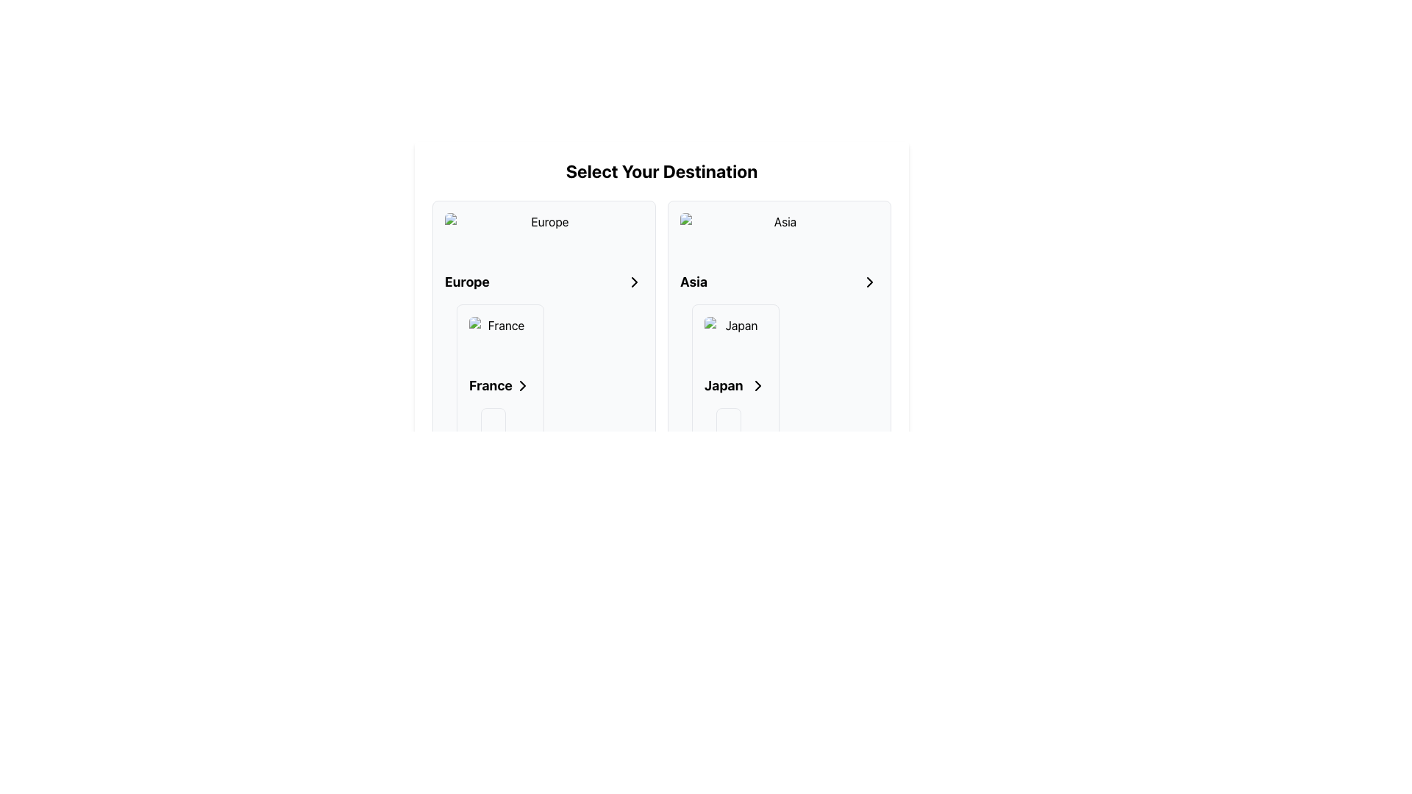 Image resolution: width=1412 pixels, height=794 pixels. Describe the element at coordinates (869, 282) in the screenshot. I see `the right-facing arrow icon located to the right of the text 'Asia'` at that location.